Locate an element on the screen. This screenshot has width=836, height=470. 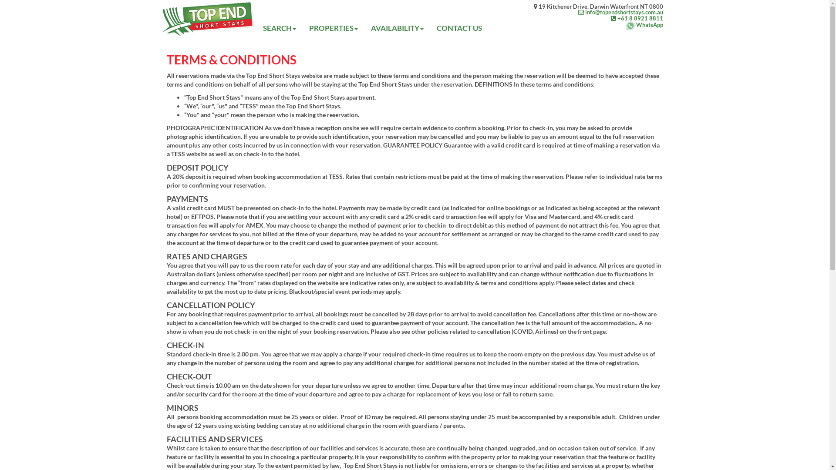
'+61 8 8921 8811' is located at coordinates (598, 18).